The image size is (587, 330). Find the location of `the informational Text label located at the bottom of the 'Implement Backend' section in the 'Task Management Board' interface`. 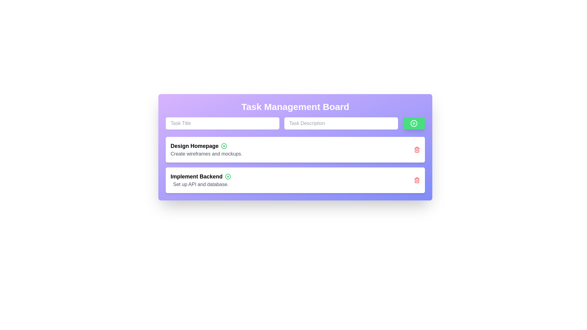

the informational Text label located at the bottom of the 'Implement Backend' section in the 'Task Management Board' interface is located at coordinates (201, 184).